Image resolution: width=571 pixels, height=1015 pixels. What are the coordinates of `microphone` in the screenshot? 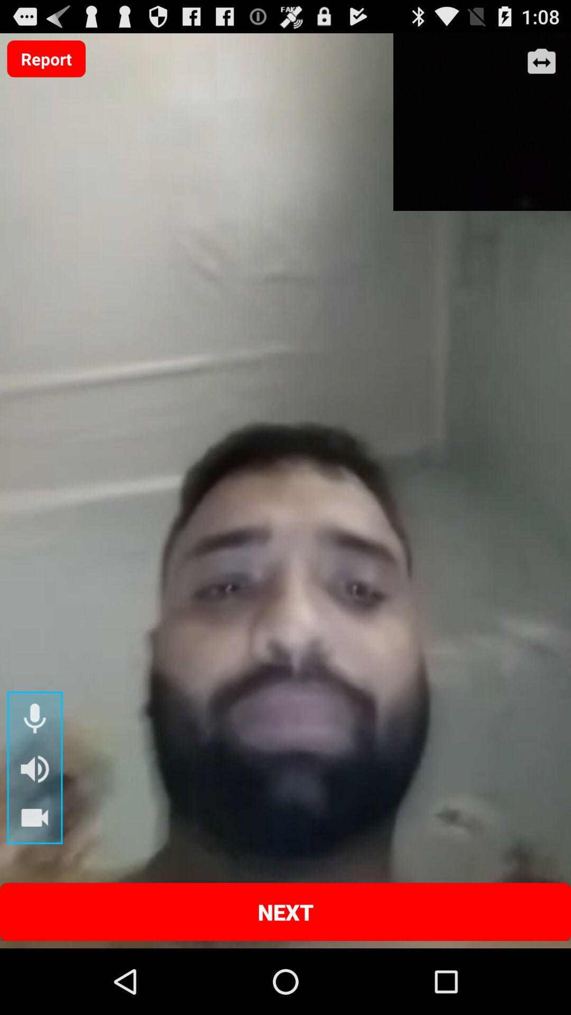 It's located at (34, 719).